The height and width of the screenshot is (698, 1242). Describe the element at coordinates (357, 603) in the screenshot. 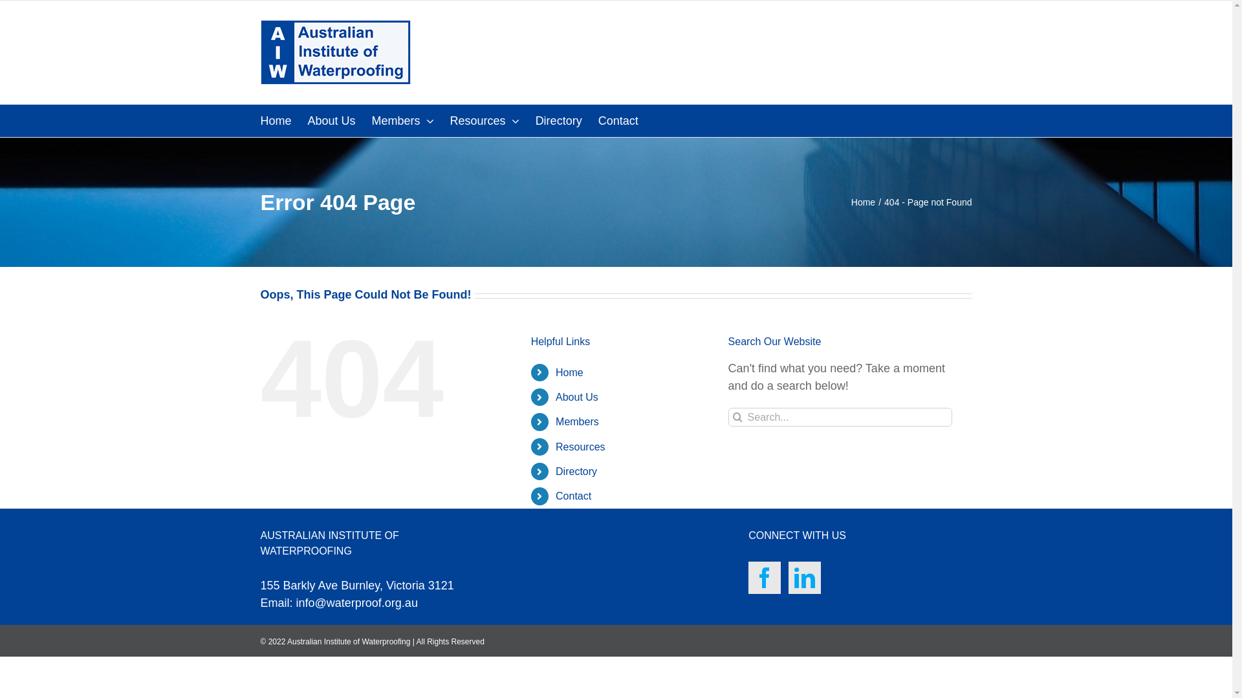

I see `'info@waterproof.org.au'` at that location.